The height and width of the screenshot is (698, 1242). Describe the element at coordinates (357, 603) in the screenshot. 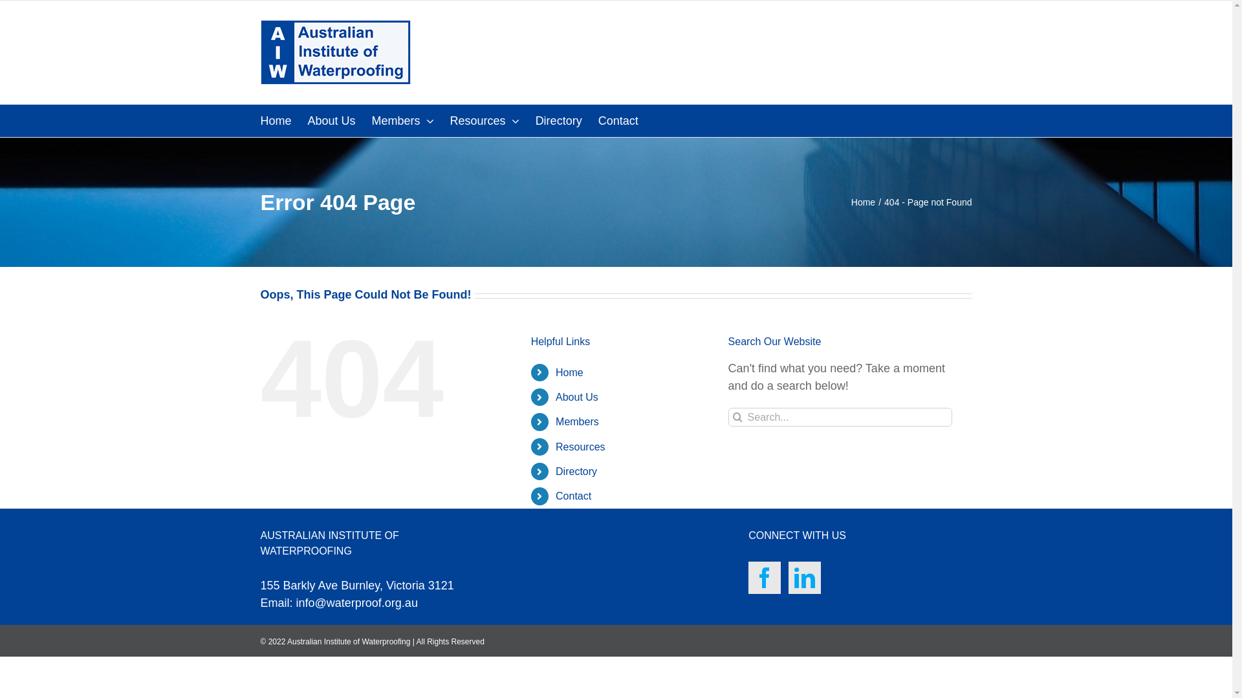

I see `'info@waterproof.org.au'` at that location.